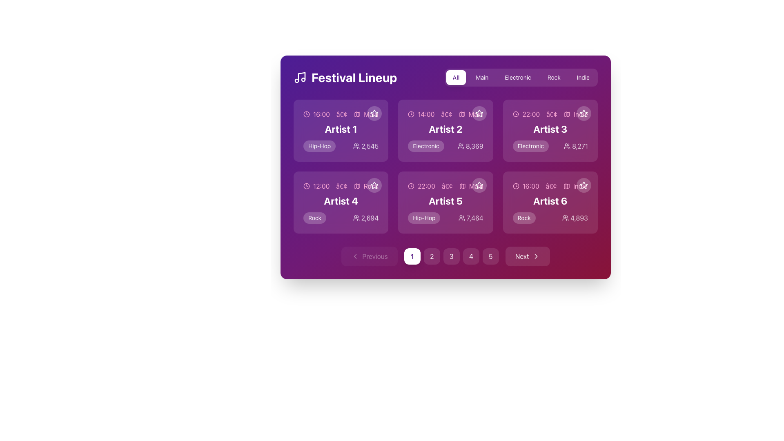 The height and width of the screenshot is (441, 784). What do you see at coordinates (342, 114) in the screenshot?
I see `the decorative bullet point character (•) styled in light pink, located between the time text '16:00' and the map-like icon in the upper left section of the 'Artist 1' card` at bounding box center [342, 114].